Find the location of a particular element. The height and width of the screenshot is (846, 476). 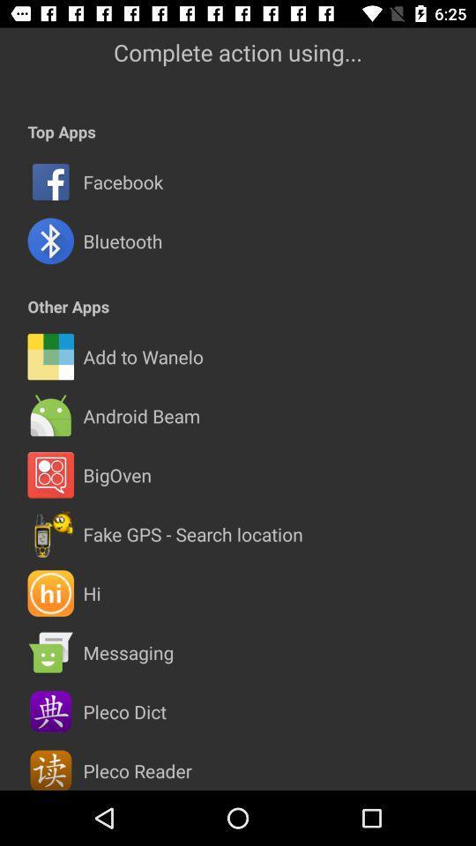

icon above the other apps icon is located at coordinates (122, 240).